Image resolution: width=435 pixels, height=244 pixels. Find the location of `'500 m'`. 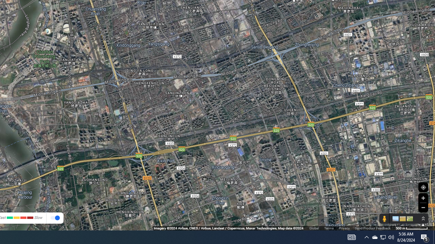

'500 m' is located at coordinates (411, 228).